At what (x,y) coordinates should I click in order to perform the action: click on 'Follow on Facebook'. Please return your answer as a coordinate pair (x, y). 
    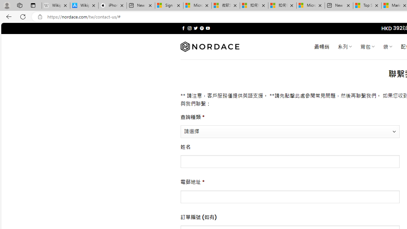
    Looking at the image, I should click on (183, 28).